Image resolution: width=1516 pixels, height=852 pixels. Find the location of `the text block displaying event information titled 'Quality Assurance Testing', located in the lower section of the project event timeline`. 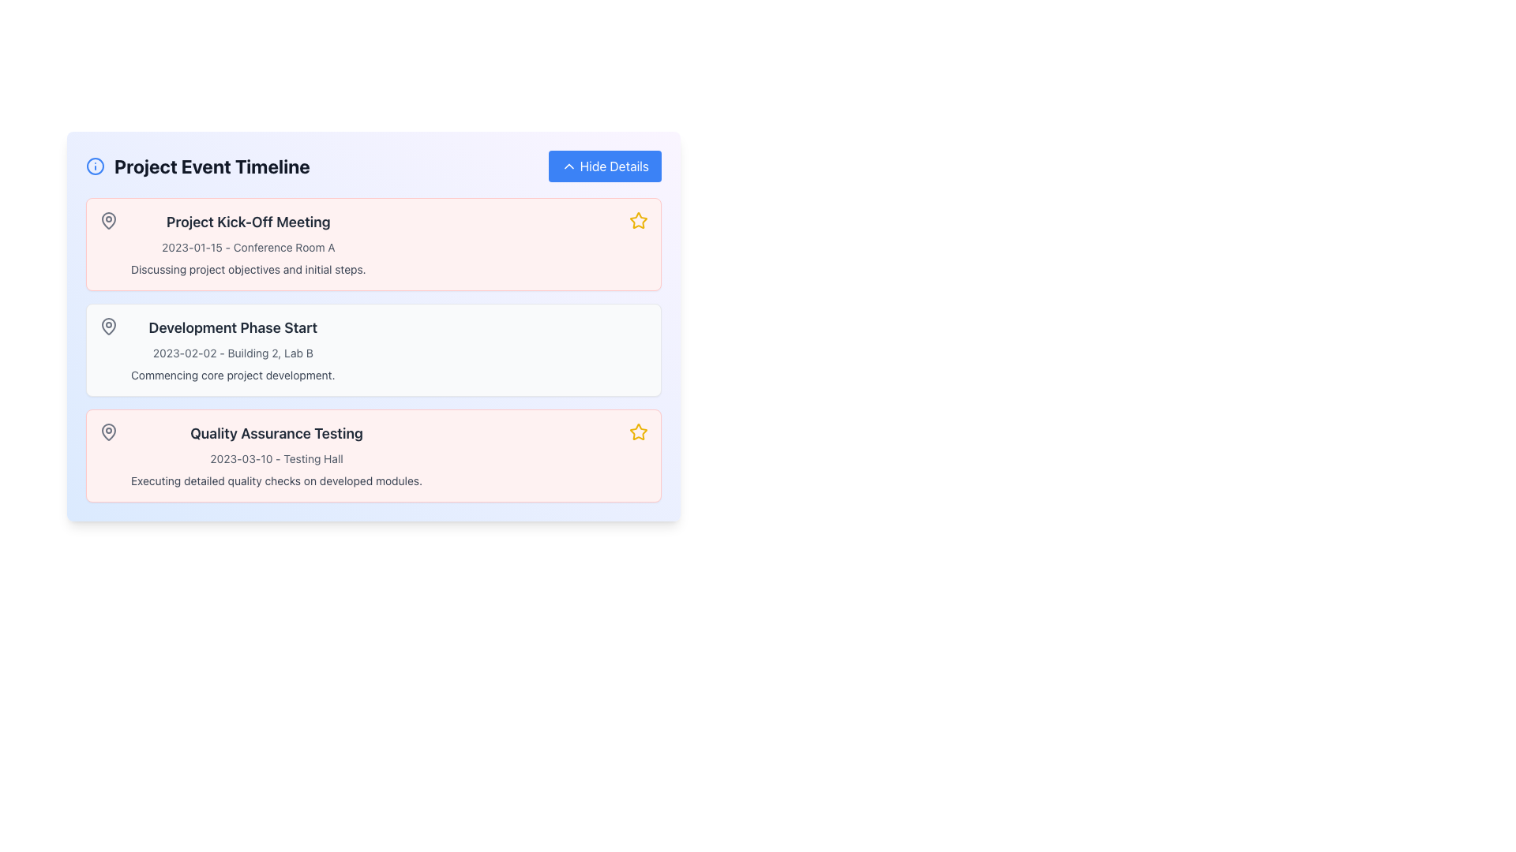

the text block displaying event information titled 'Quality Assurance Testing', located in the lower section of the project event timeline is located at coordinates (276, 456).